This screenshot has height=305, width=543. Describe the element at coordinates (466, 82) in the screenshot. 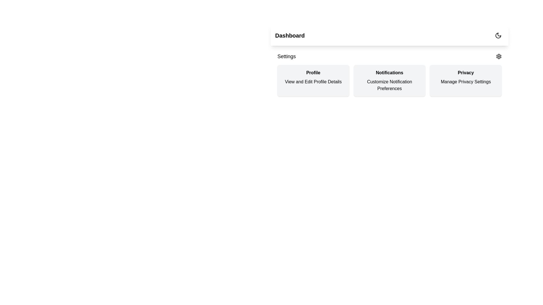

I see `the second text element within the 'Privacy' card that labels the action or topic of managing privacy settings` at that location.